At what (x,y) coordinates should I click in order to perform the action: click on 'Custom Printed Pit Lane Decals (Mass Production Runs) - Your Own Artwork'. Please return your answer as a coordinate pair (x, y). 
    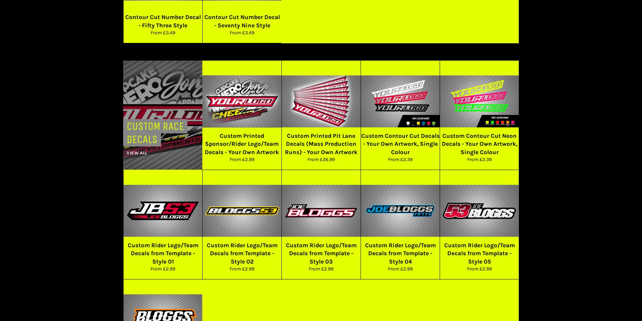
    Looking at the image, I should click on (321, 143).